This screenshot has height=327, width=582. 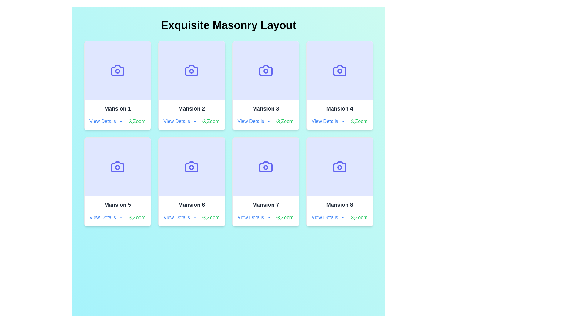 I want to click on the green magnifying glass icon with a plus sign inside it, located to the right of the text 'Zoom', so click(x=205, y=217).